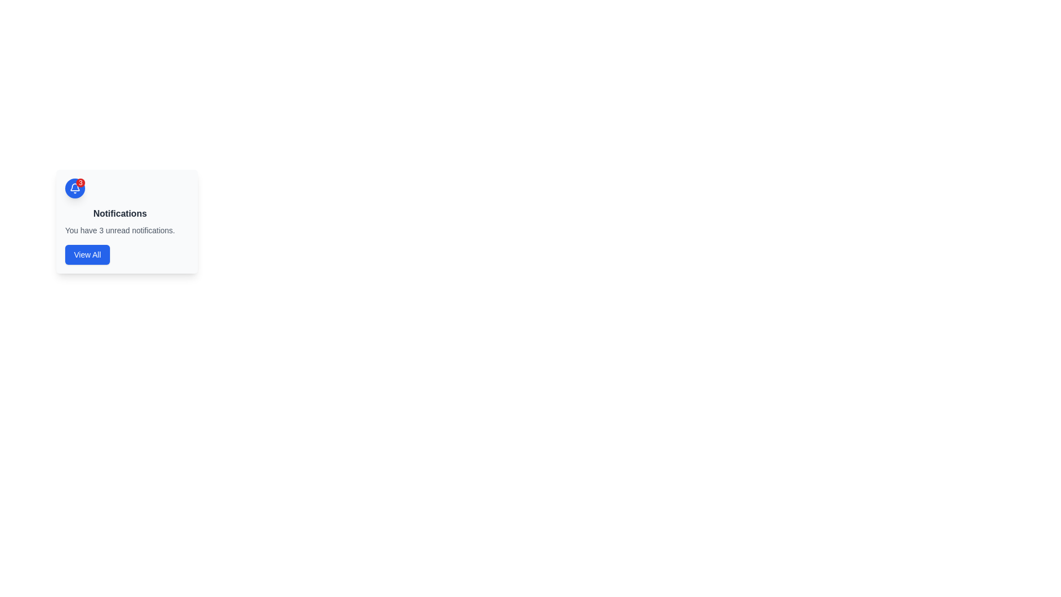  I want to click on the bold text label 'Notifications' styled in dark gray located at the top of the notification card, so click(120, 213).